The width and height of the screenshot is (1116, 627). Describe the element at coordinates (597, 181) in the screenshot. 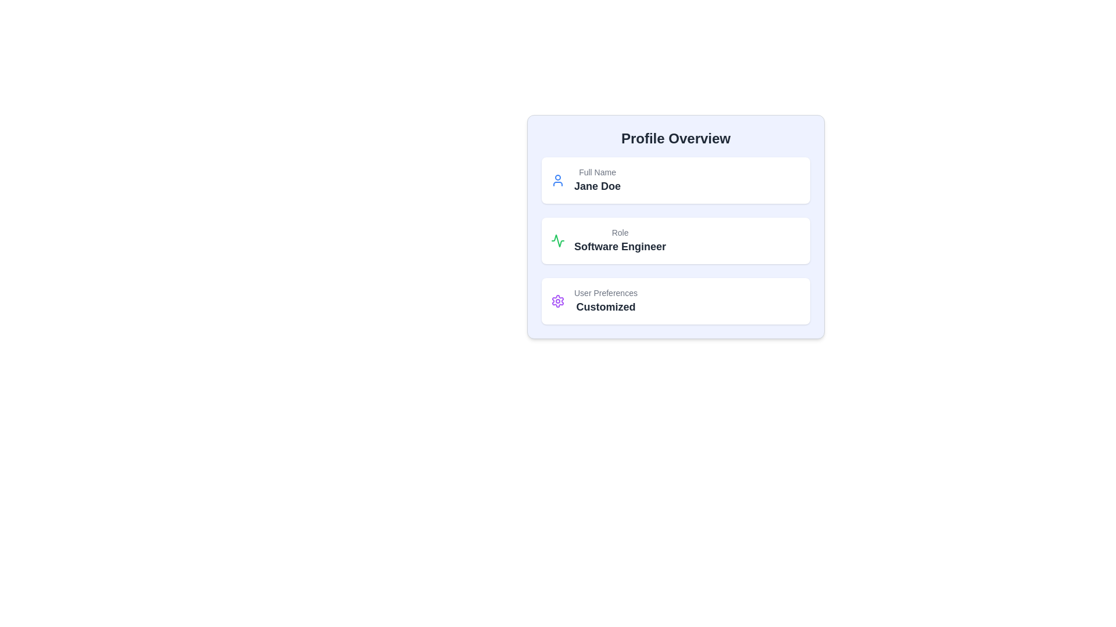

I see `the Text Display Component containing the subtitle 'Full Name' and the name 'Jane Doe'` at that location.